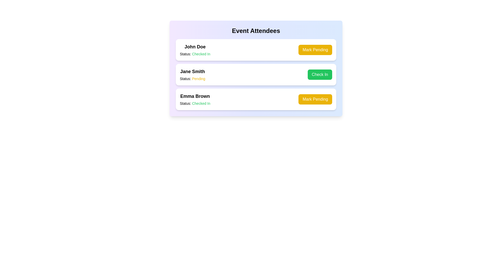 This screenshot has width=494, height=278. What do you see at coordinates (195, 47) in the screenshot?
I see `the name of the attendee to select the text` at bounding box center [195, 47].